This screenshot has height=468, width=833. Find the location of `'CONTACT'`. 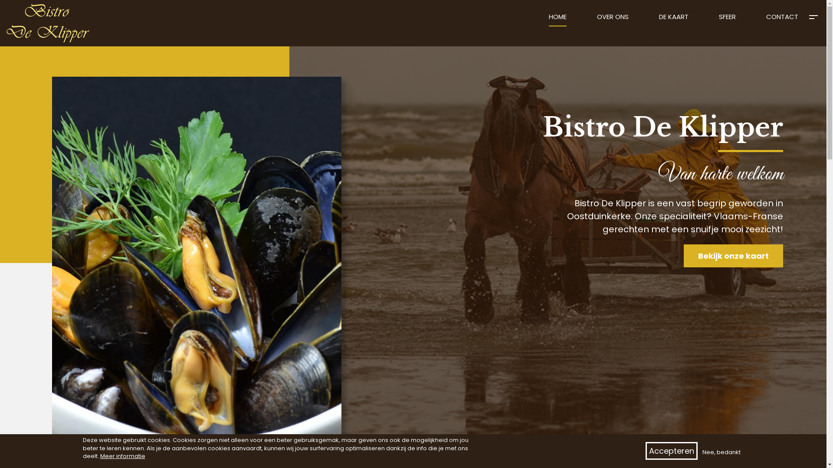

'CONTACT' is located at coordinates (782, 19).